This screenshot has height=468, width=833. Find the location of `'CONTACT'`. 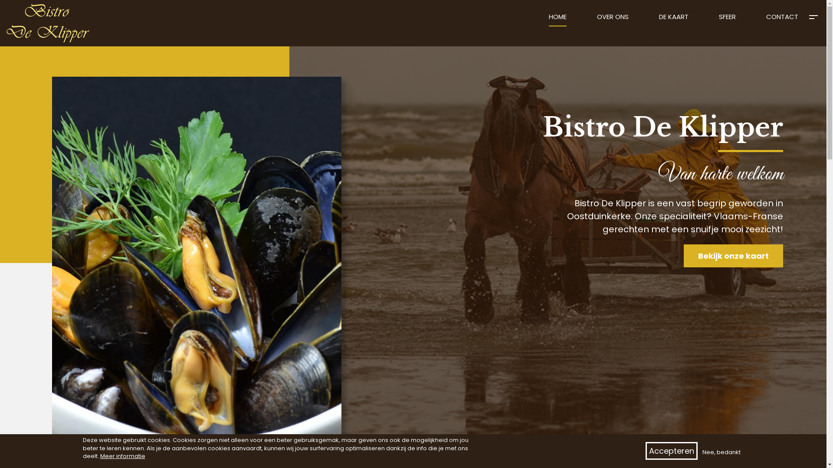

'CONTACT' is located at coordinates (782, 19).